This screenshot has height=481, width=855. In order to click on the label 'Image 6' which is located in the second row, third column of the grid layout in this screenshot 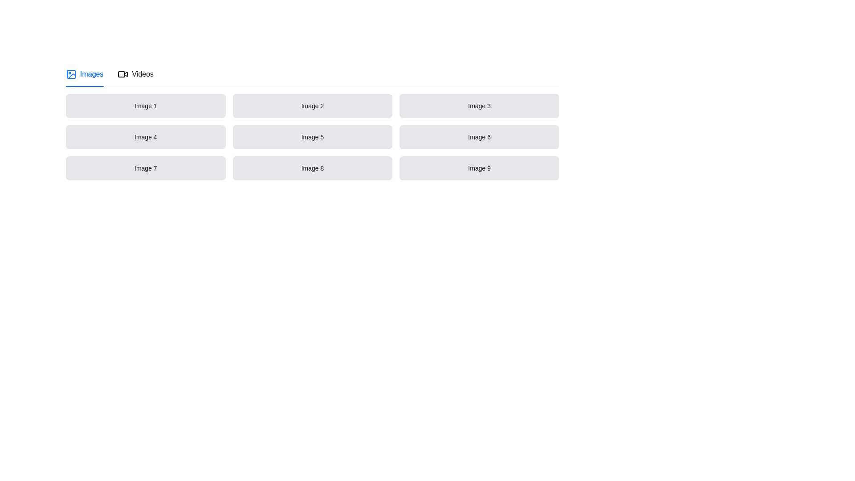, I will do `click(479, 137)`.